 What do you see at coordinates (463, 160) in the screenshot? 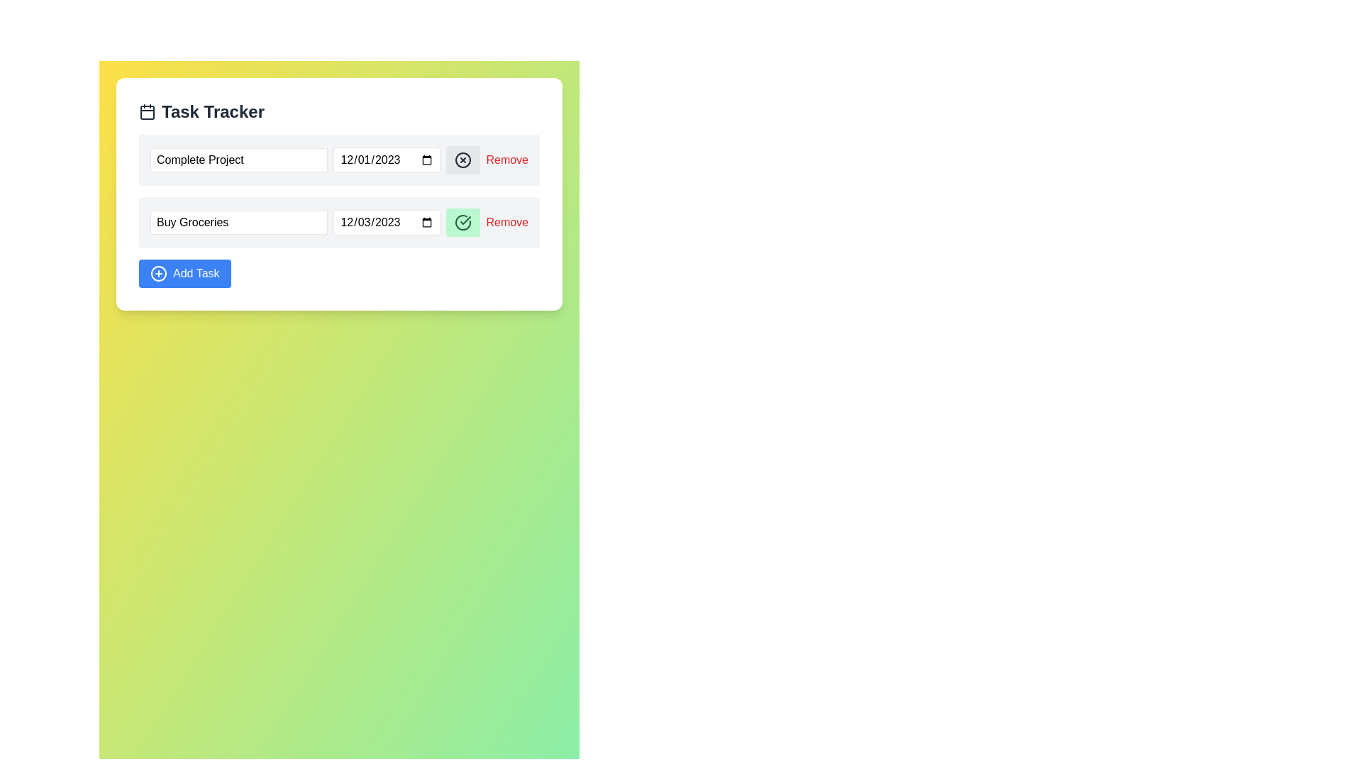
I see `the Icon button, which is an SVG icon with a circular border and a prominent cross ('X') symbol, located in the first task entry of the task tracker, positioned between the date picker and the 'Remove' button` at bounding box center [463, 160].